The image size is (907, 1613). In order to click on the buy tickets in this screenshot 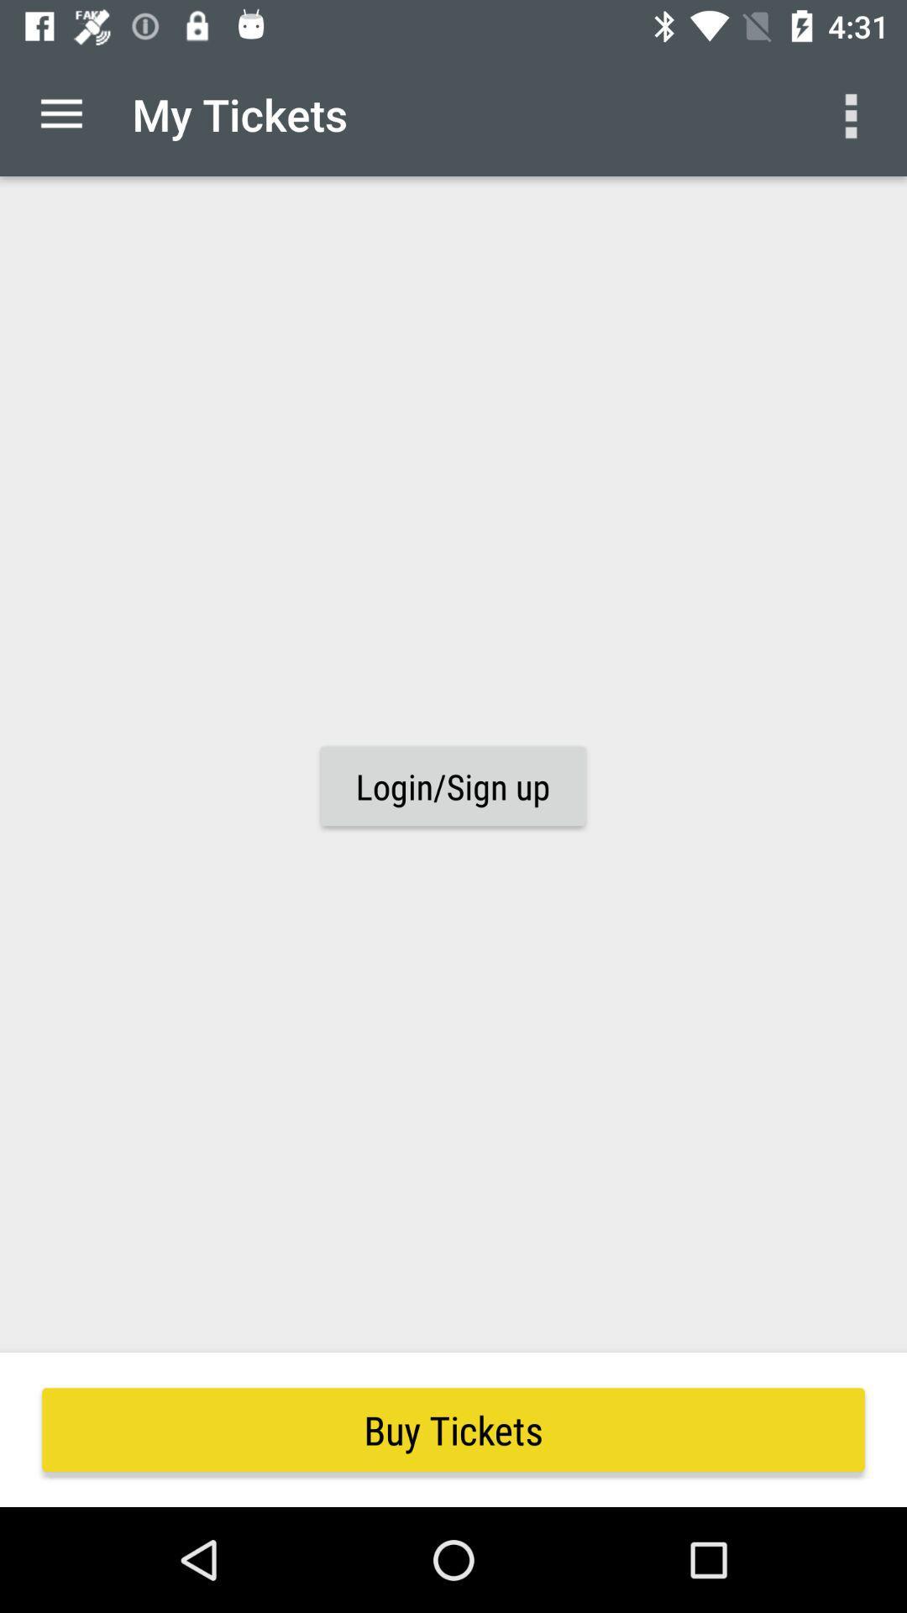, I will do `click(453, 1429)`.